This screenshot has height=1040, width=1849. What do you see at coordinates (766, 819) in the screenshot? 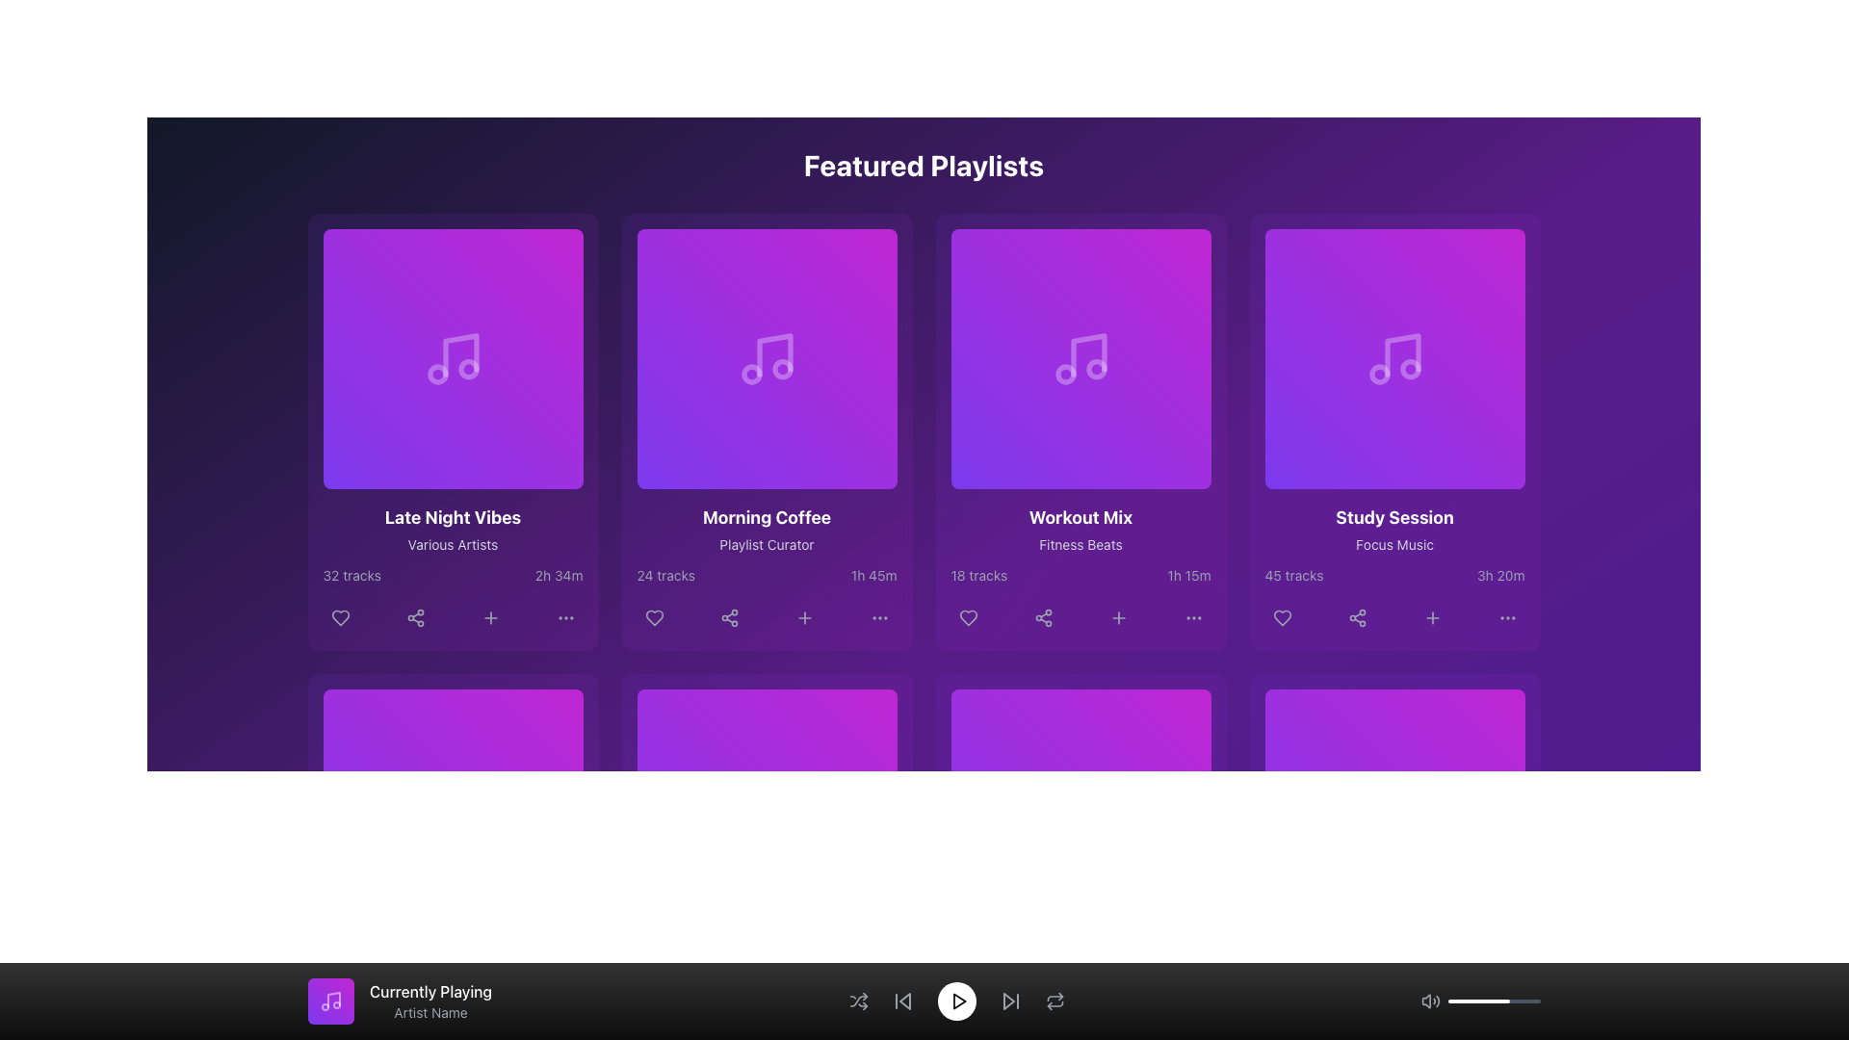
I see `the circular play button located at the center of the card to play media` at bounding box center [766, 819].